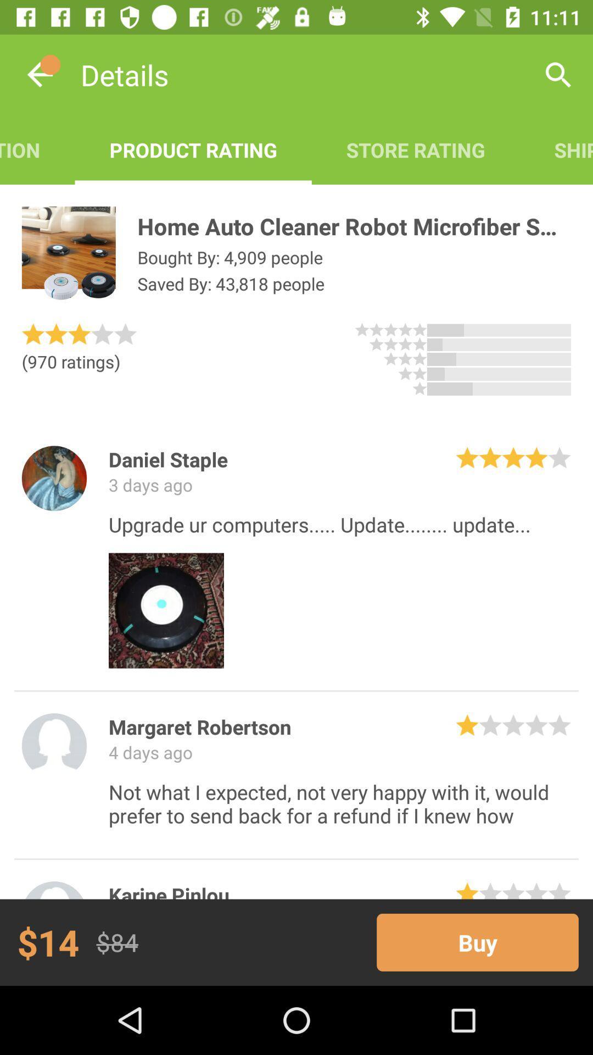 This screenshot has height=1055, width=593. Describe the element at coordinates (416, 149) in the screenshot. I see `item above home auto cleaner item` at that location.